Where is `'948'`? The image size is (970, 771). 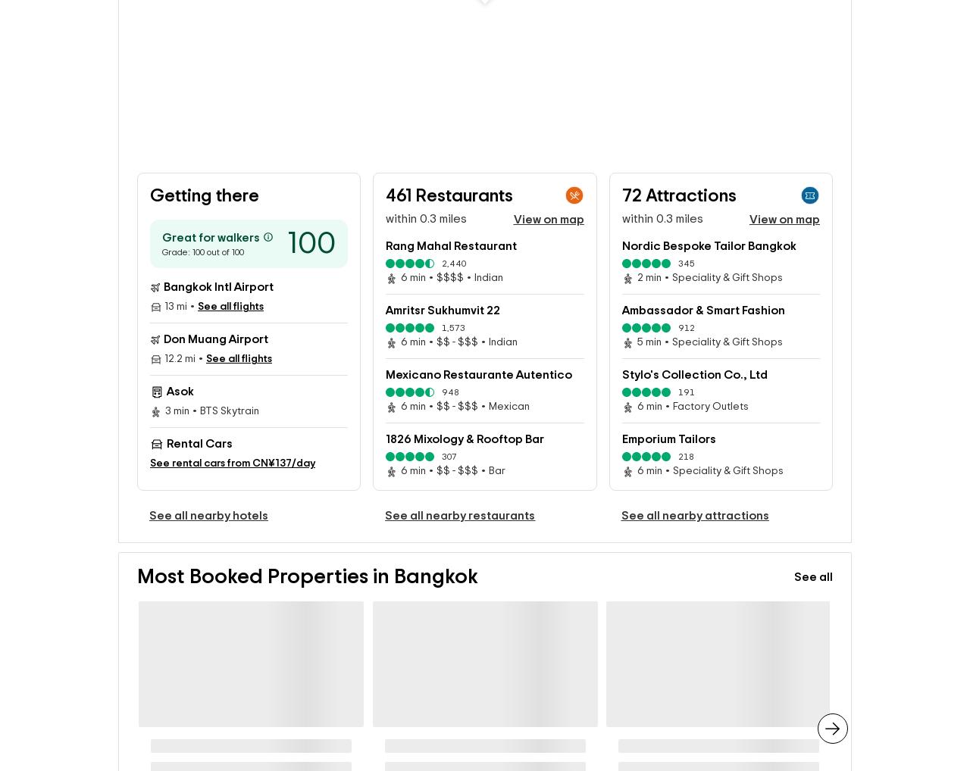
'948' is located at coordinates (441, 411).